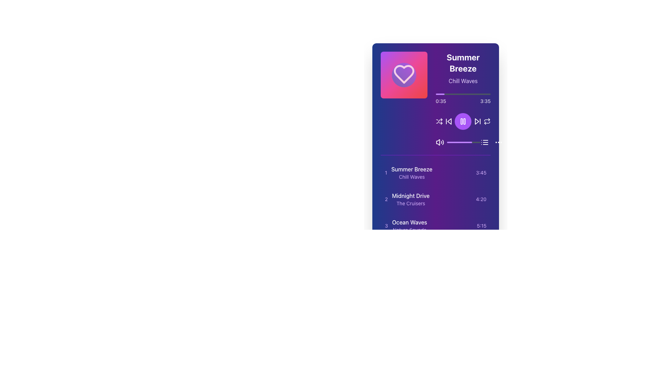 Image resolution: width=670 pixels, height=377 pixels. Describe the element at coordinates (450, 142) in the screenshot. I see `the progress value` at that location.